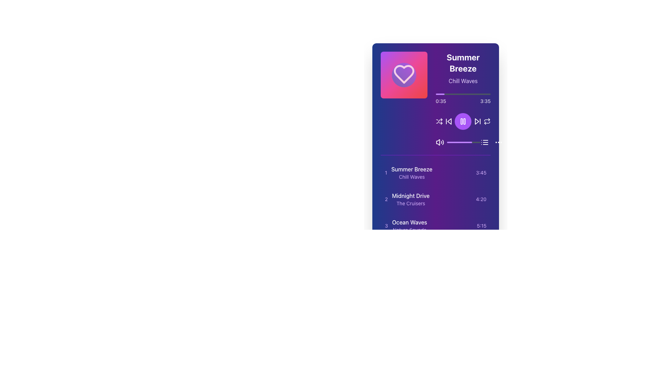 Image resolution: width=670 pixels, height=377 pixels. Describe the element at coordinates (450, 142) in the screenshot. I see `the progress value` at that location.